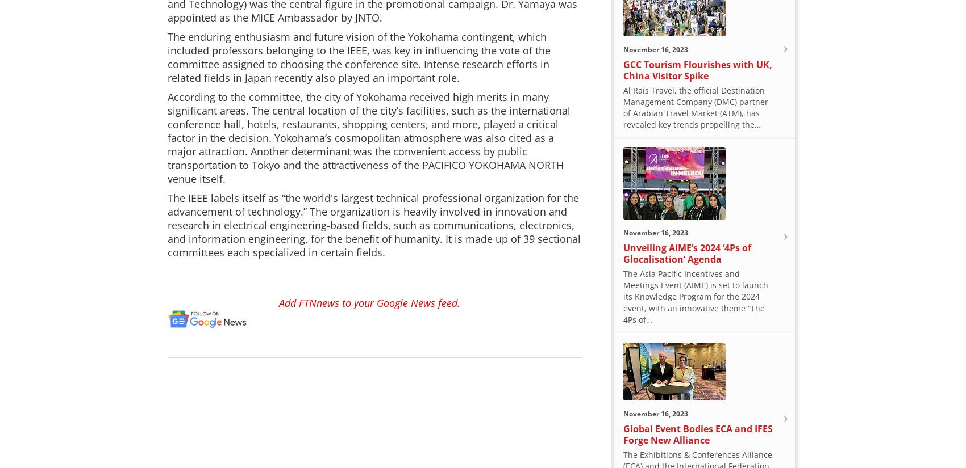 This screenshot has height=468, width=966. Describe the element at coordinates (369, 137) in the screenshot. I see `'According to the committee, the city of Yokohama received high merits in many significant areas. The central location of the city’s facilities, such as the international conference hall, hotels, restaurants, shopping centers, and more, played a critical factor in the decision. Yokohama’s cosmopolitan atmosphere was also cited as a major attraction. Another determinant was the convenient access by public transportation to Tokyo and the attractiveness of the PACIFICO YOKOHAMA NORTH venue itself.'` at that location.